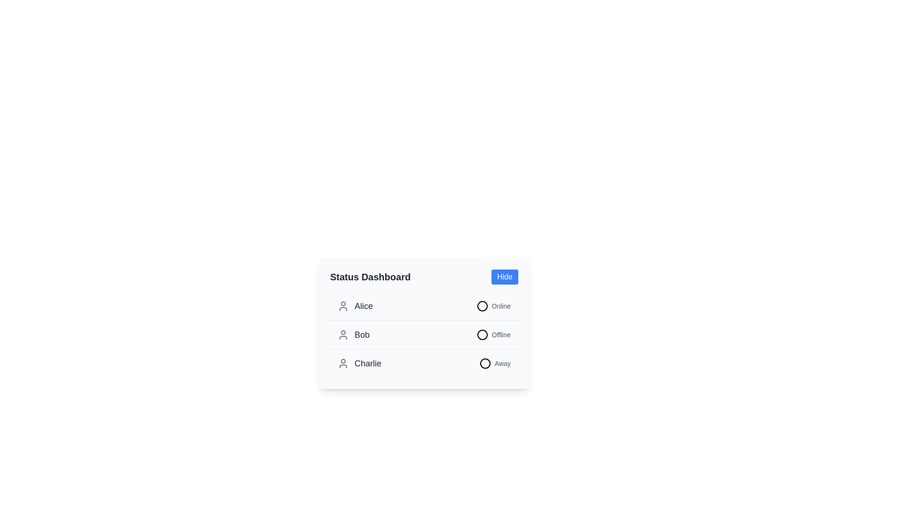 The width and height of the screenshot is (903, 508). I want to click on on the labelled text element displaying 'Alice' in the 'Status Dashboard', so click(355, 306).